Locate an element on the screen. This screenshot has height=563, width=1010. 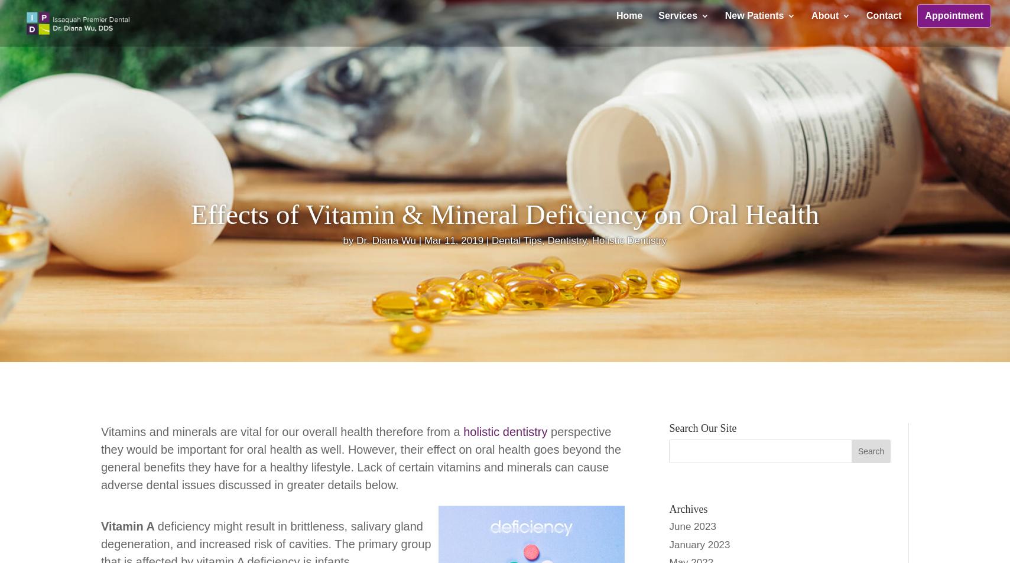
'Meet Dr. Wu' is located at coordinates (835, 76).